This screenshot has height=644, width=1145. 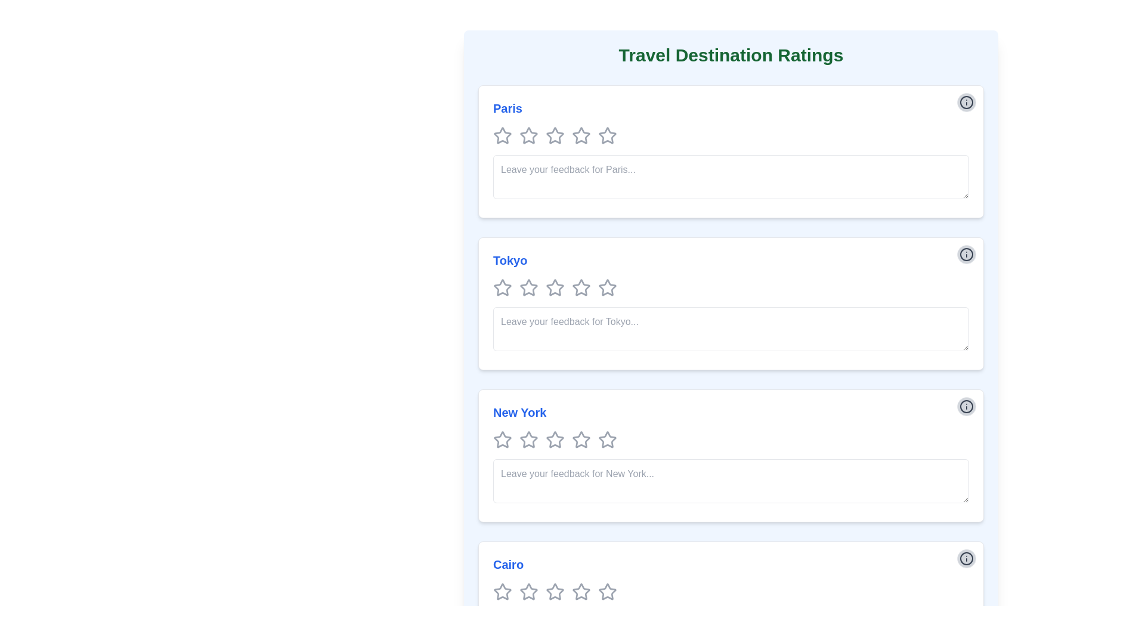 What do you see at coordinates (581, 135) in the screenshot?
I see `the second star icon in the rating bar for the 'Paris' section` at bounding box center [581, 135].